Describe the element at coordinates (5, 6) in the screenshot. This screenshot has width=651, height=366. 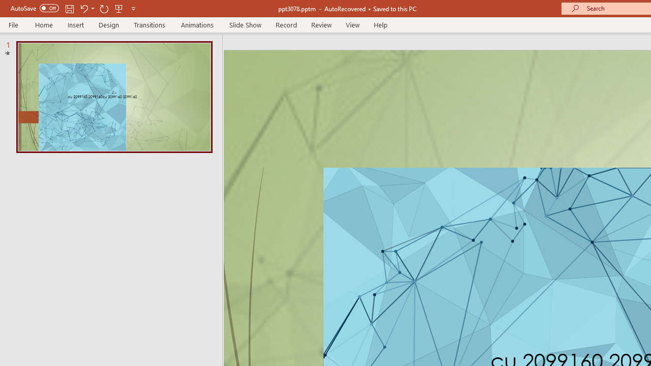
I see `'System'` at that location.